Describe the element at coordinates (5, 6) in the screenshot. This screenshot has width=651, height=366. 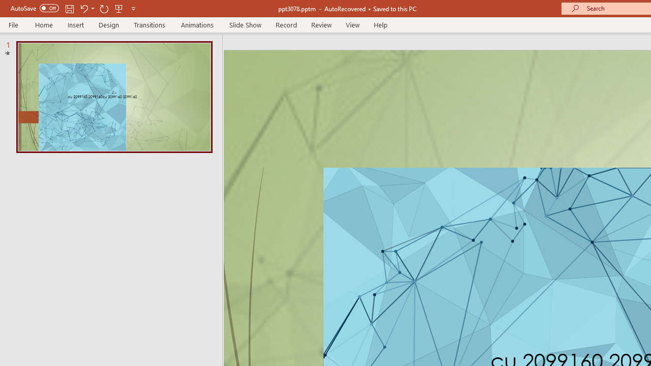
I see `'System'` at that location.